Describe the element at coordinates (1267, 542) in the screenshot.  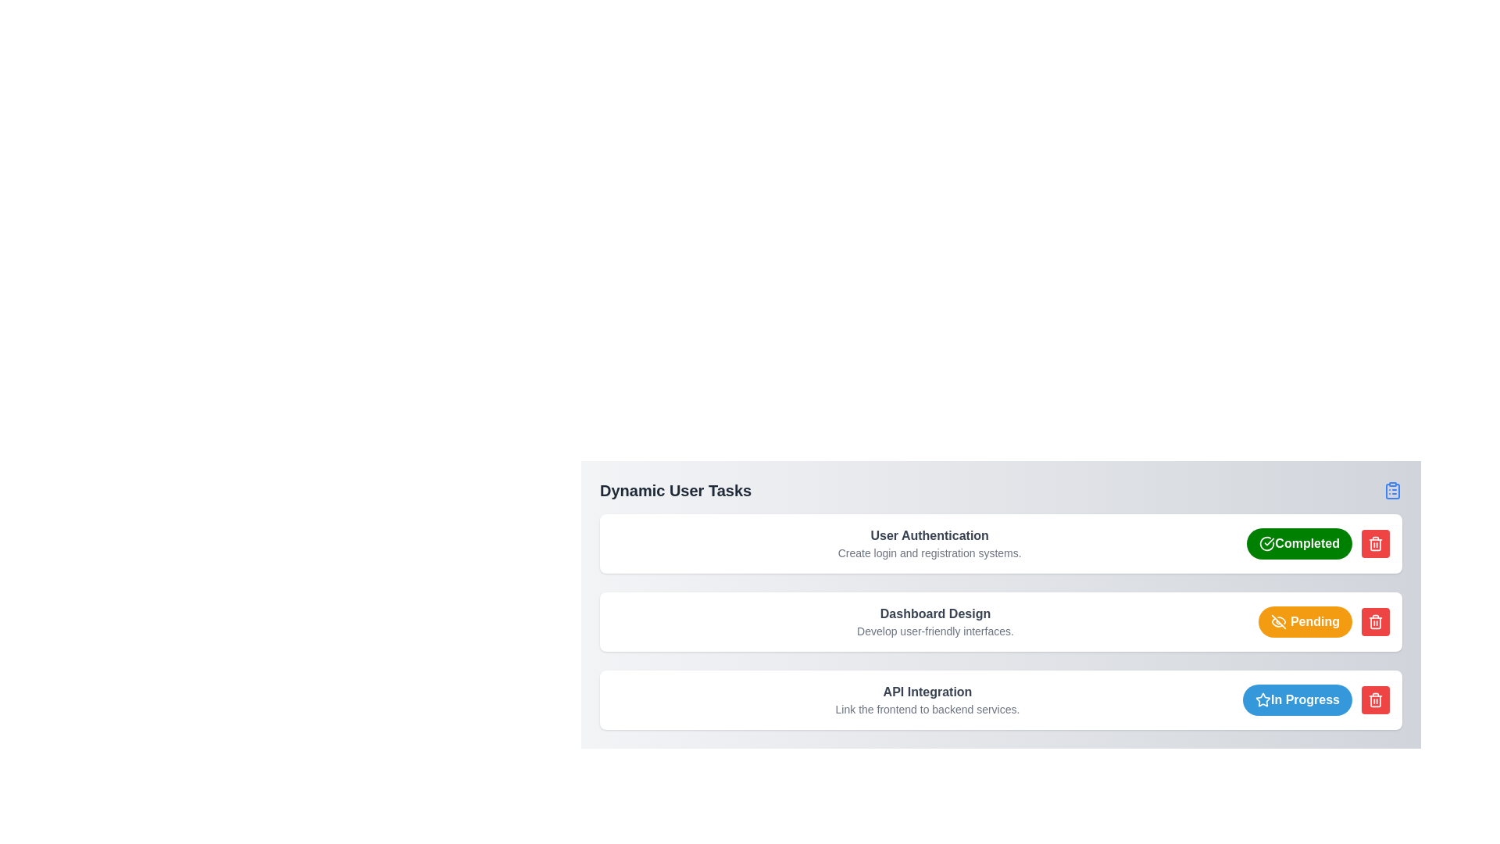
I see `the status of the circular green icon with a white checkmark, located within the 'Completed' button in the 'Dynamic User Tasks' interface` at that location.